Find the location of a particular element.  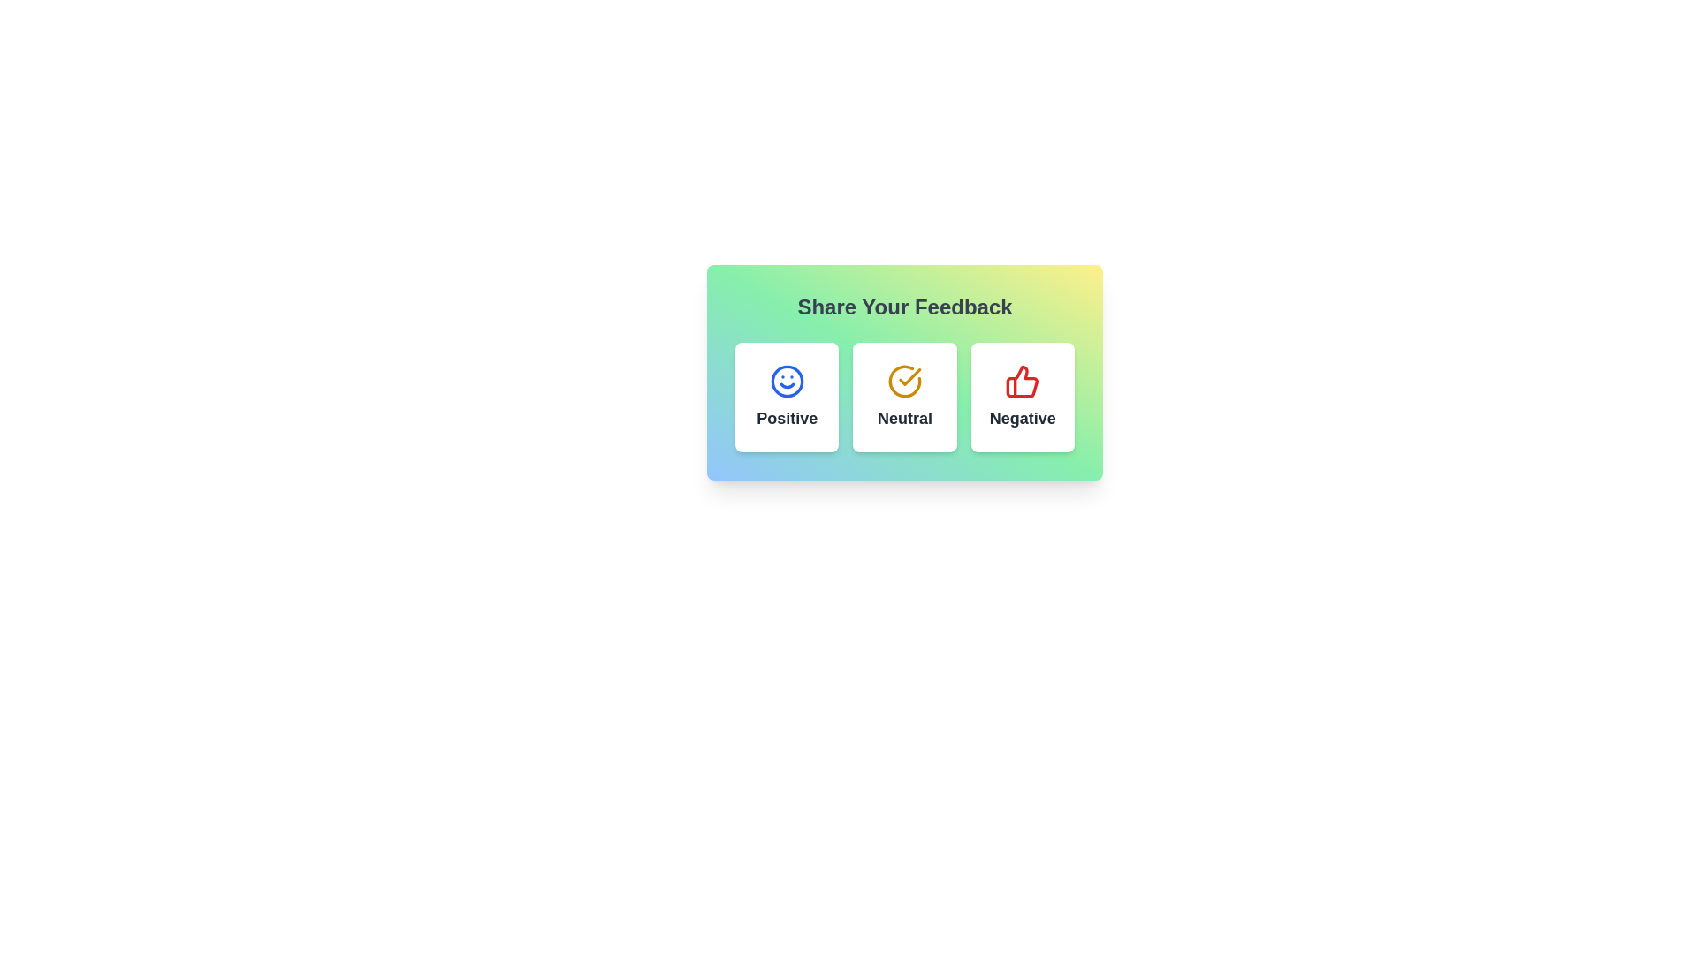

the static text label for the positive feedback selection option, which is located beneath the smiling face icon in the first option block labeled 'Positive' is located at coordinates (786, 419).